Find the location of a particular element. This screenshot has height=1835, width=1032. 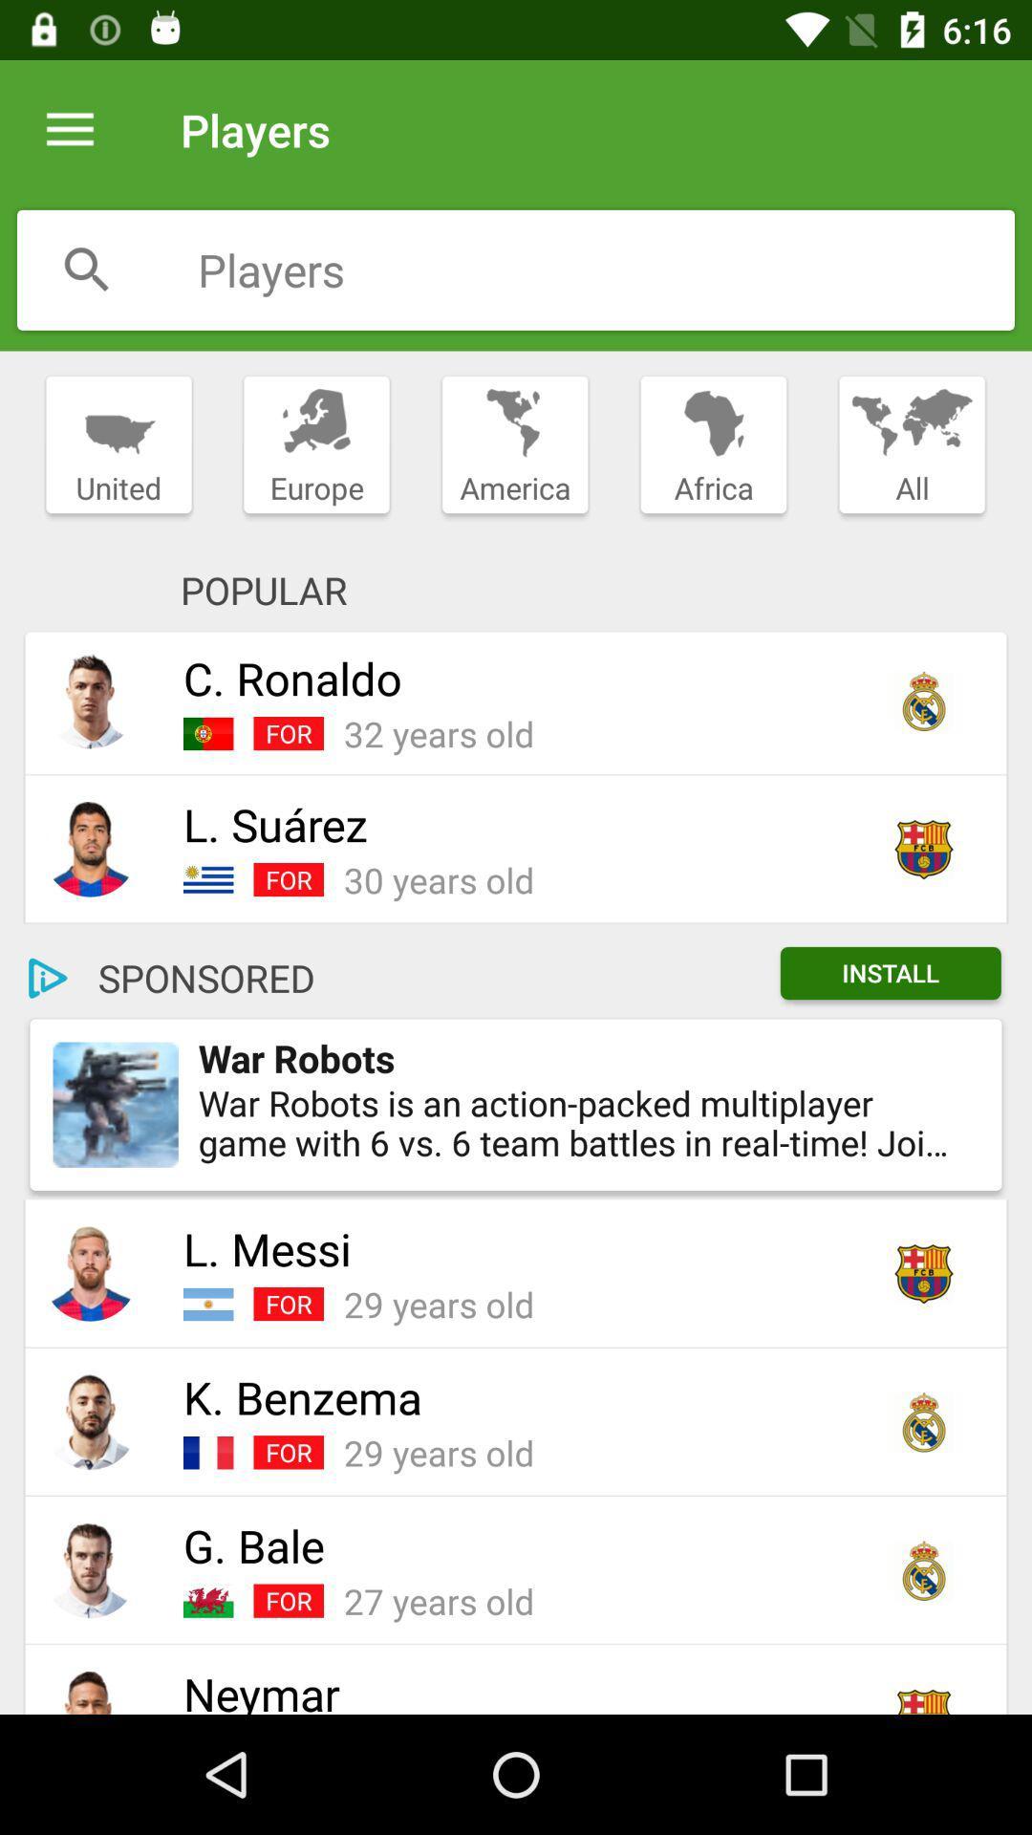

search the any one is located at coordinates (87, 269).